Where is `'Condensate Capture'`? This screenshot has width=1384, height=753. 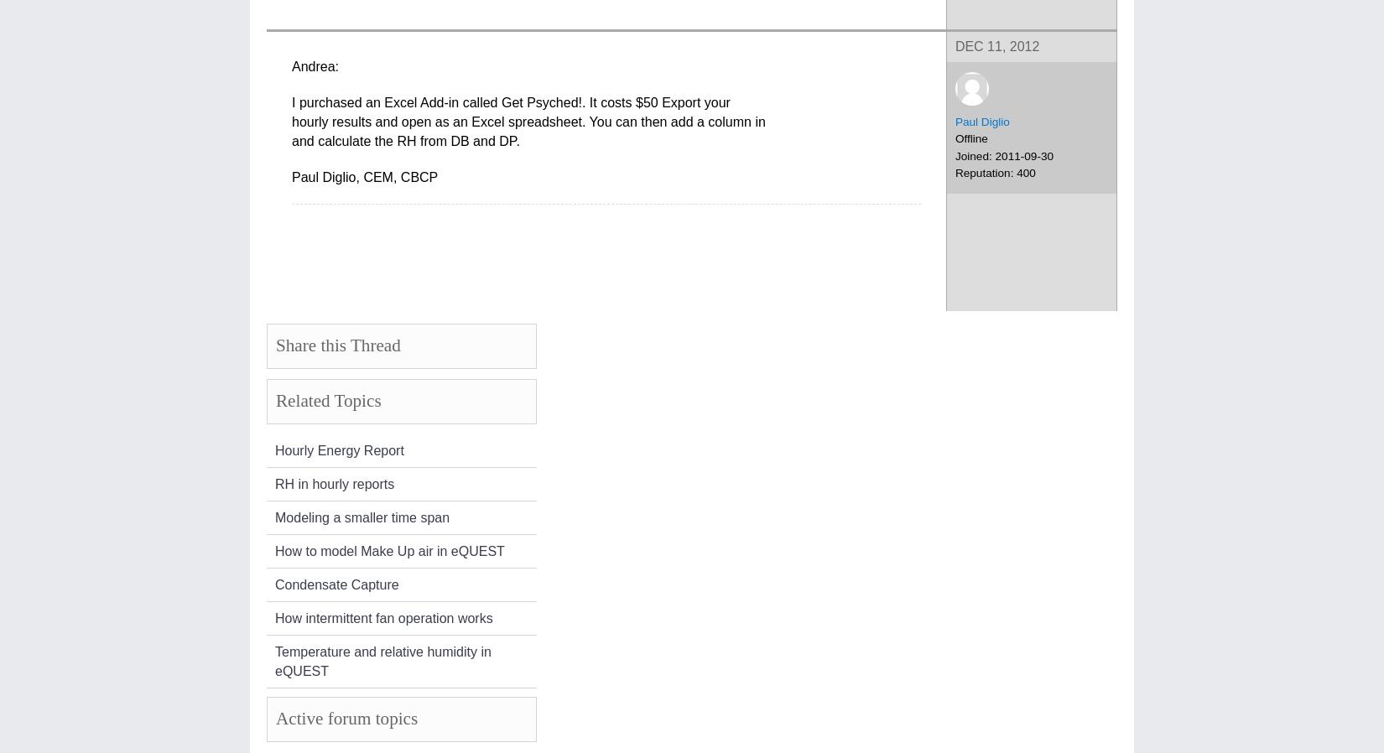
'Condensate Capture' is located at coordinates (336, 584).